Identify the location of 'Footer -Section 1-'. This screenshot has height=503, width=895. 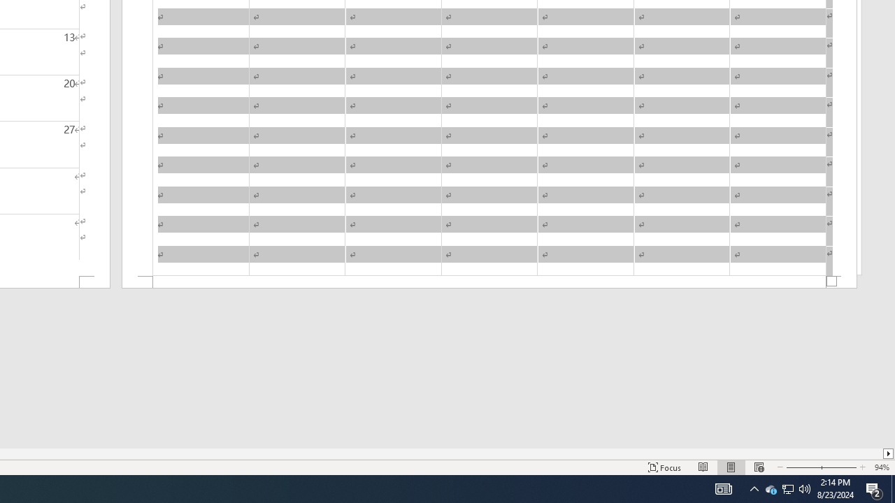
(489, 282).